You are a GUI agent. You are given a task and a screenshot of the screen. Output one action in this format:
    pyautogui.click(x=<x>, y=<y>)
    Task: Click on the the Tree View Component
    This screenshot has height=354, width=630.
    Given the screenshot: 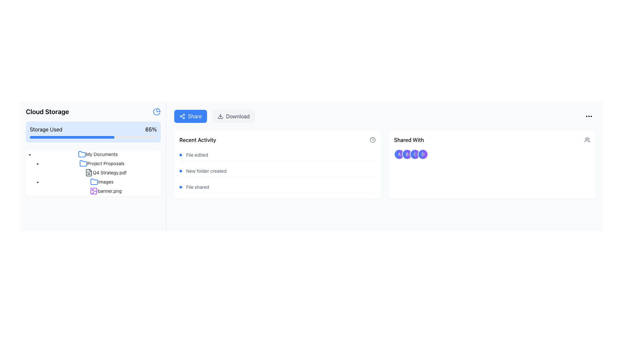 What is the action you would take?
    pyautogui.click(x=93, y=173)
    